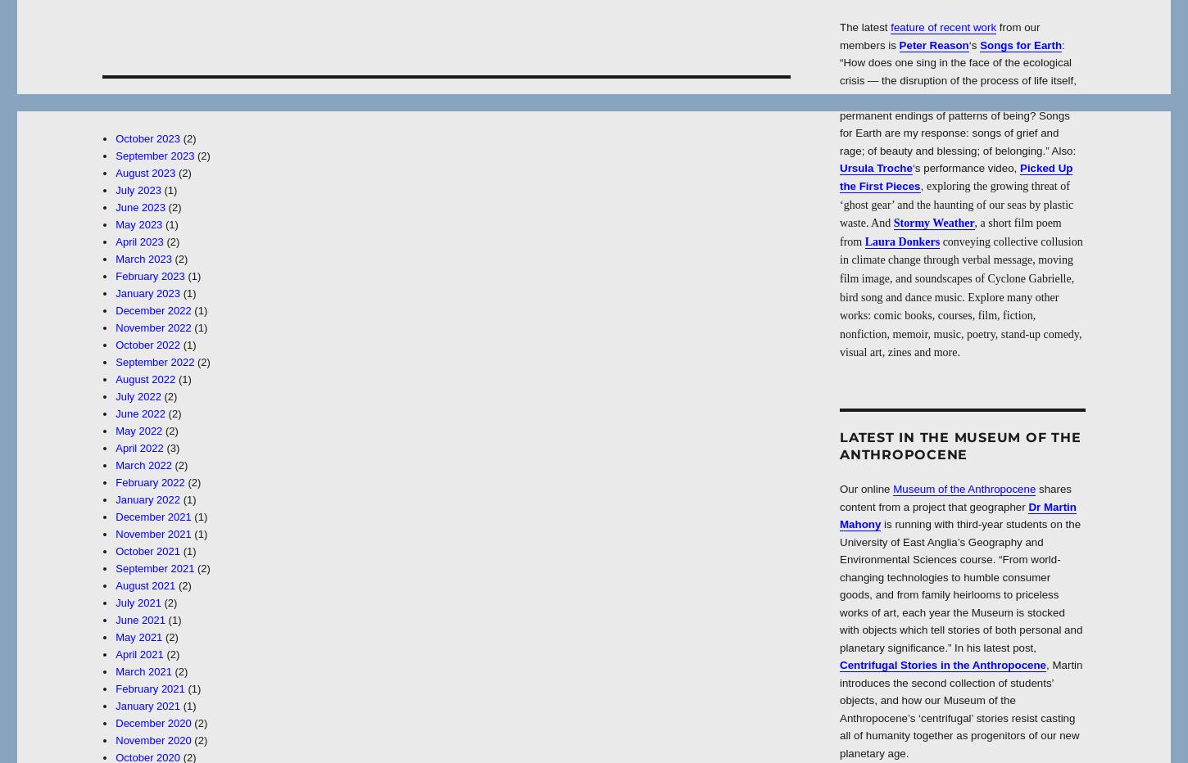 This screenshot has height=763, width=1188. I want to click on 'June 2022', so click(138, 413).